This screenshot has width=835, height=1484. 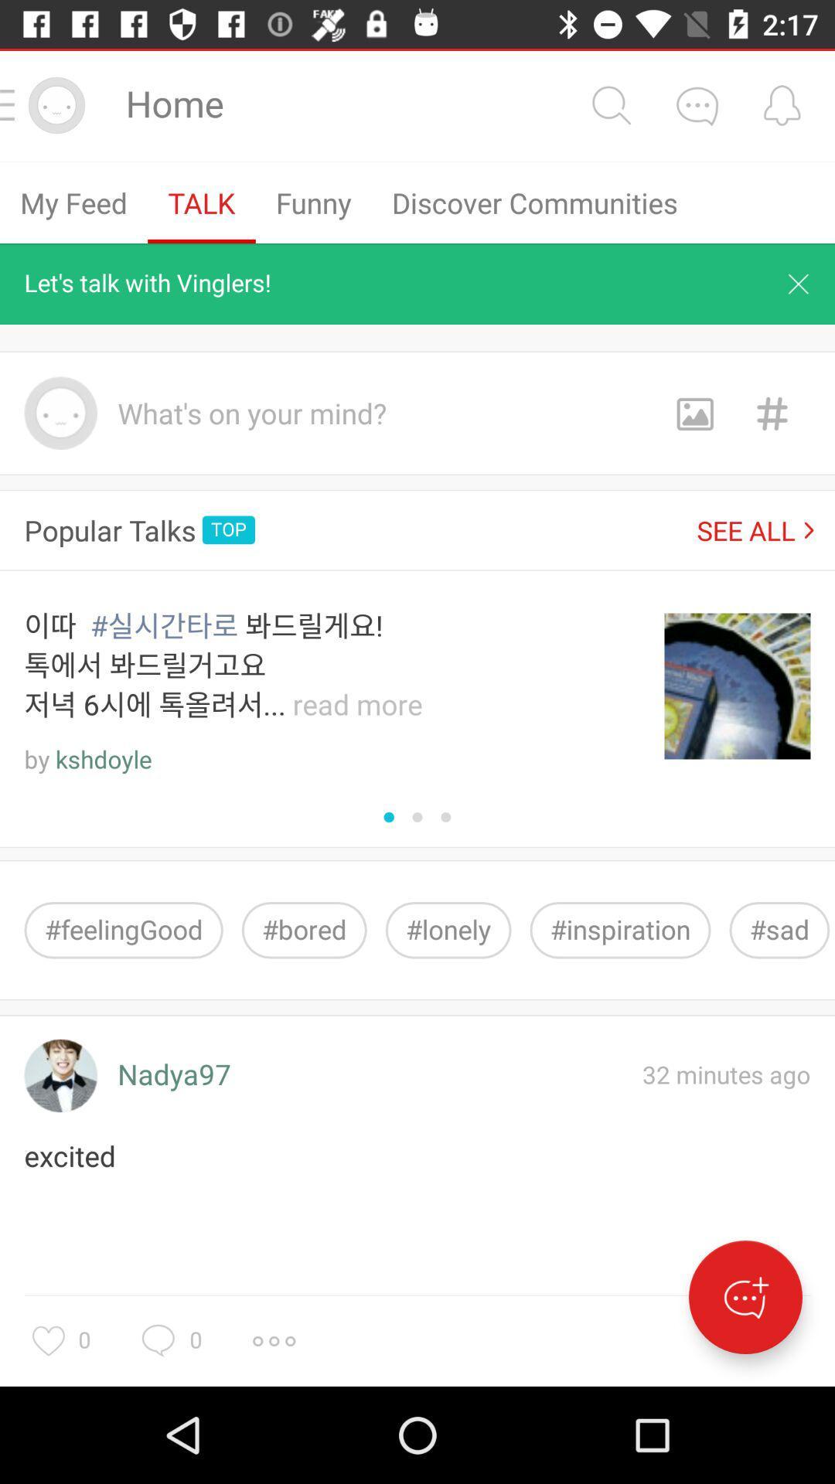 I want to click on the icon to the right of the #inspiration icon, so click(x=779, y=929).